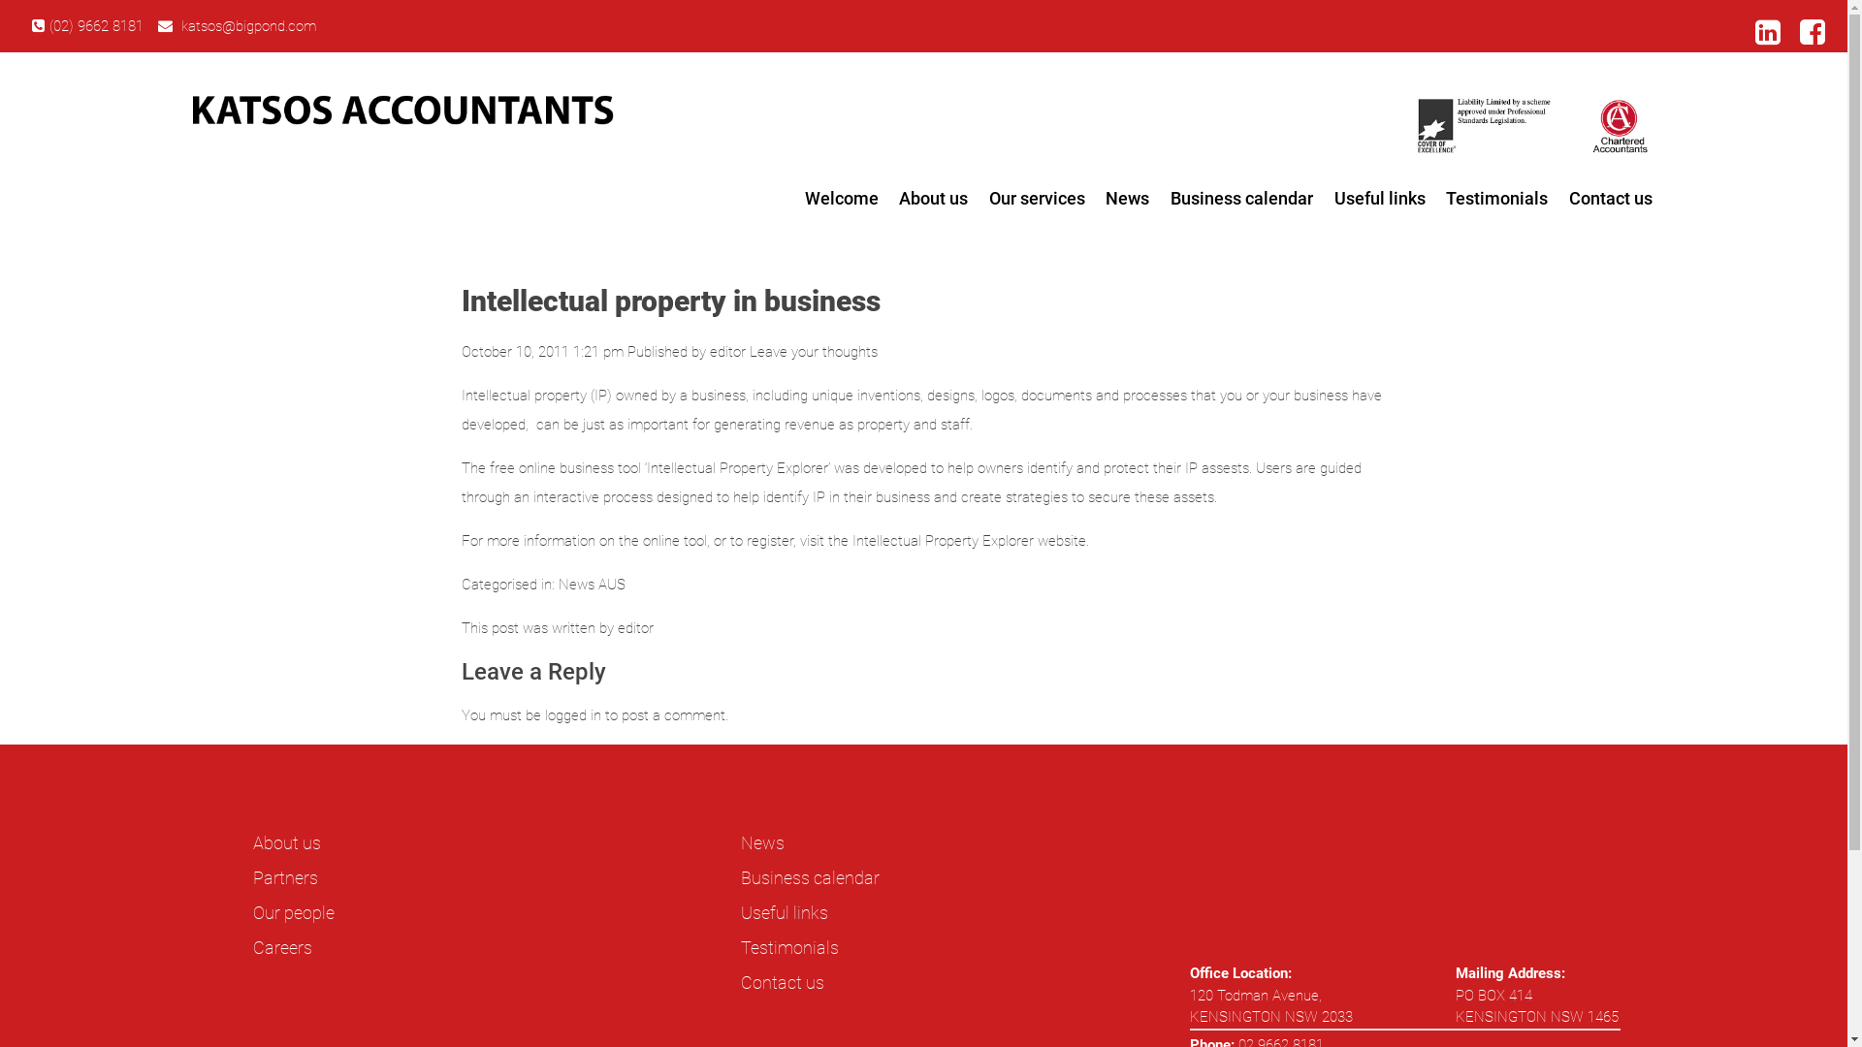 Image resolution: width=1862 pixels, height=1047 pixels. Describe the element at coordinates (782, 982) in the screenshot. I see `'Contact us'` at that location.